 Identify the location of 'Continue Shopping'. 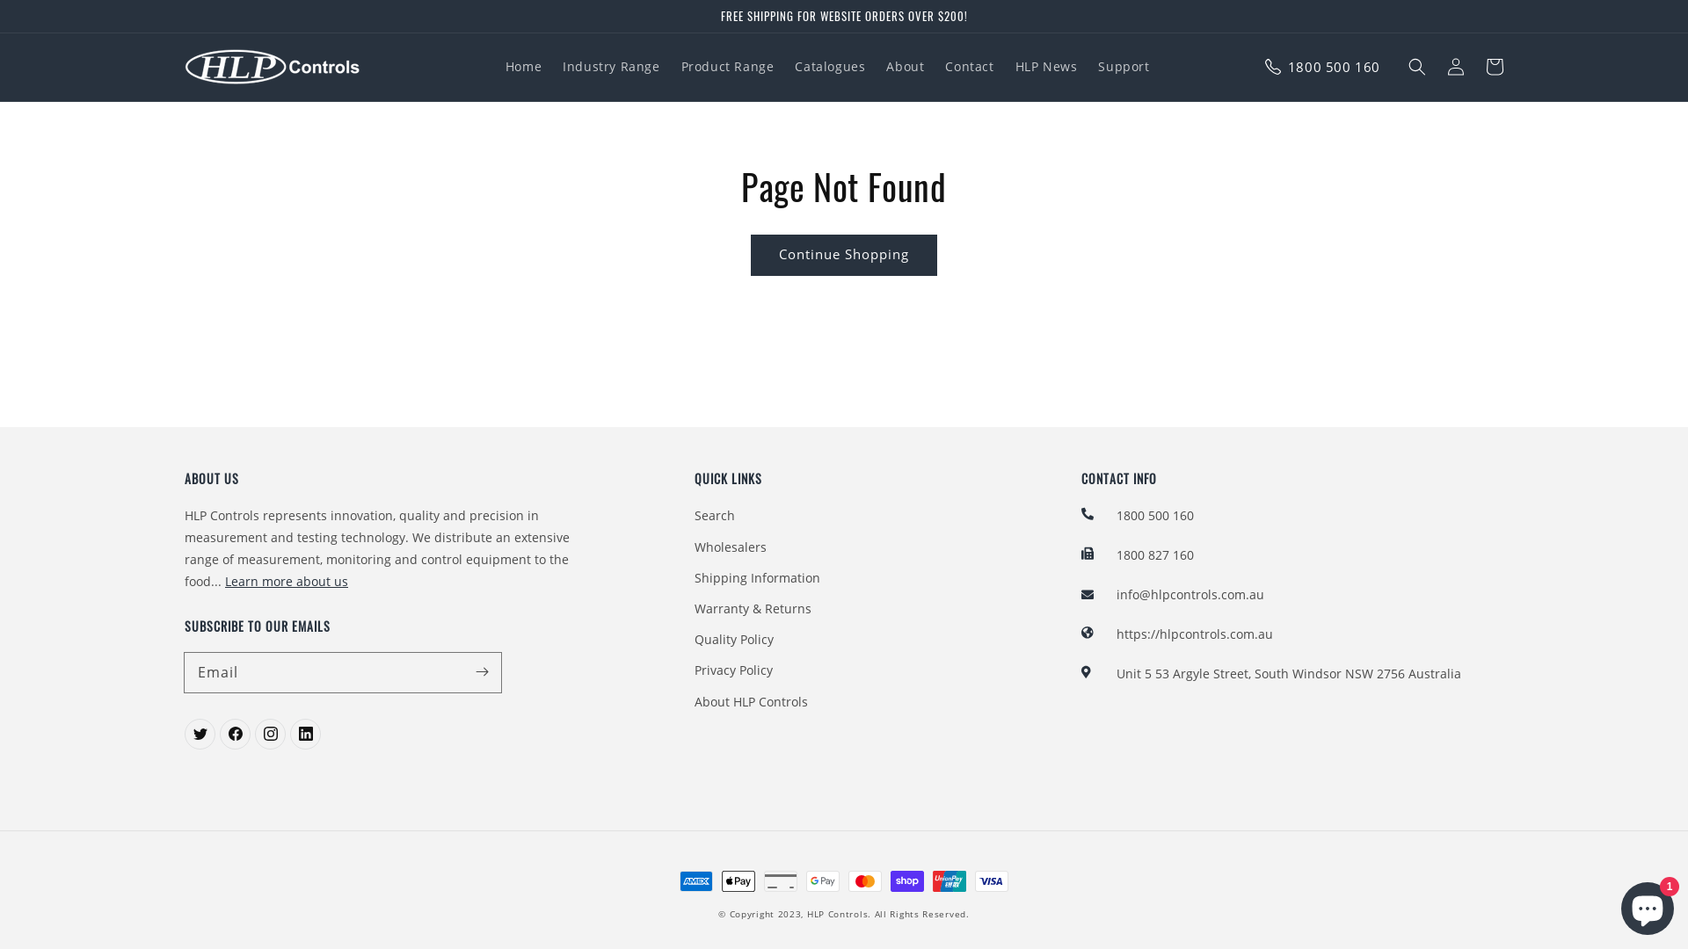
(844, 255).